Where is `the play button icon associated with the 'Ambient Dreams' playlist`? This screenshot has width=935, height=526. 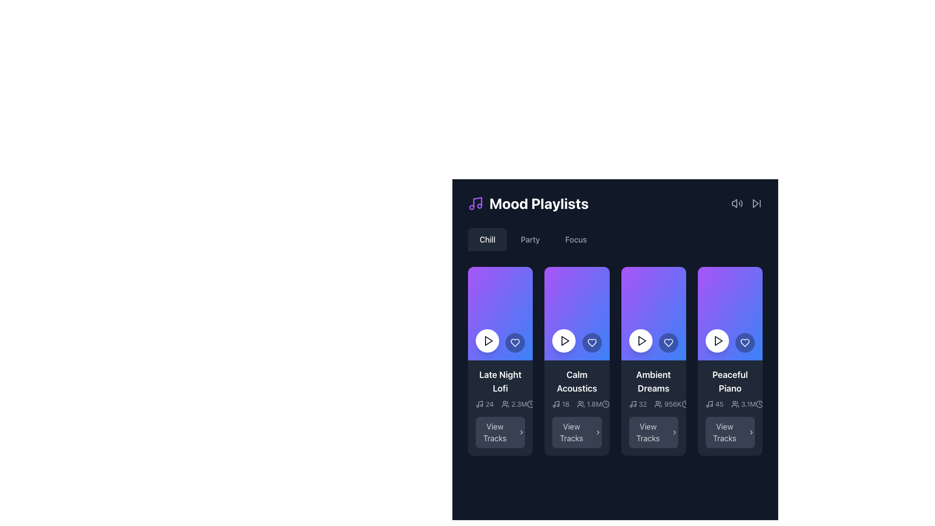 the play button icon associated with the 'Ambient Dreams' playlist is located at coordinates (641, 340).